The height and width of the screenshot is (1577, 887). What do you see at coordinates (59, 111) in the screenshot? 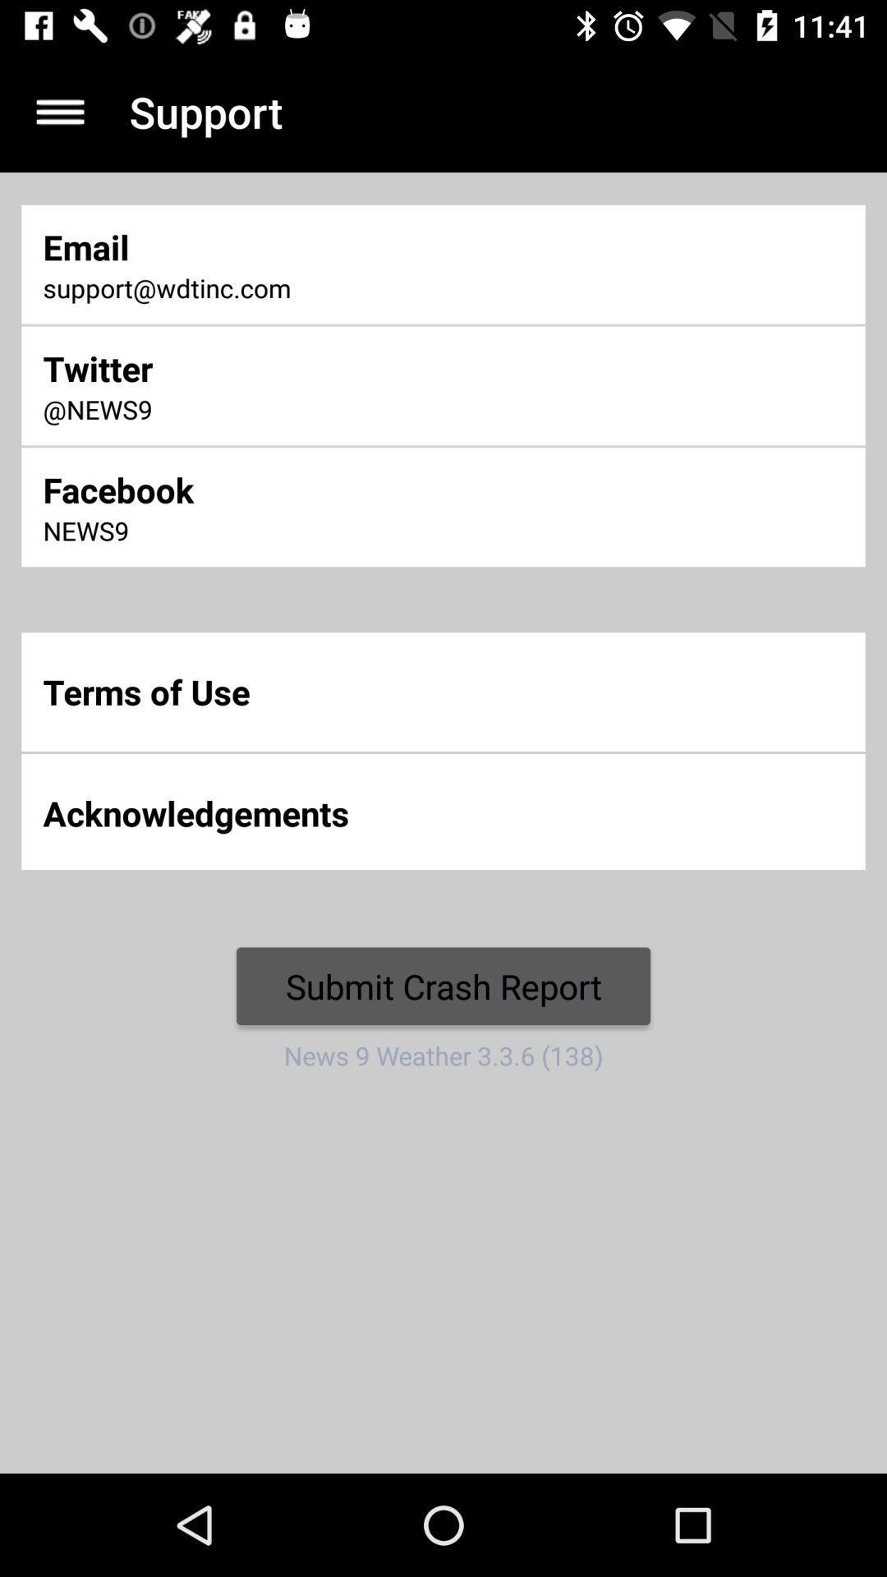
I see `app next to support icon` at bounding box center [59, 111].